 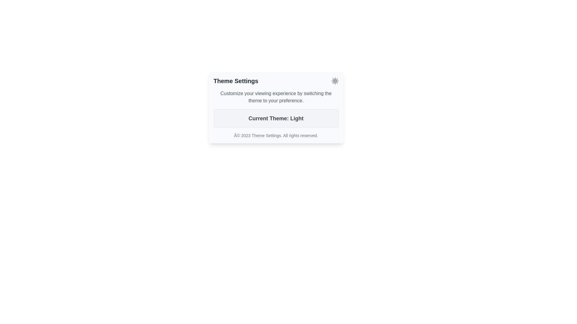 What do you see at coordinates (334, 81) in the screenshot?
I see `the theme toggle button to switch the theme between light and dark modes` at bounding box center [334, 81].